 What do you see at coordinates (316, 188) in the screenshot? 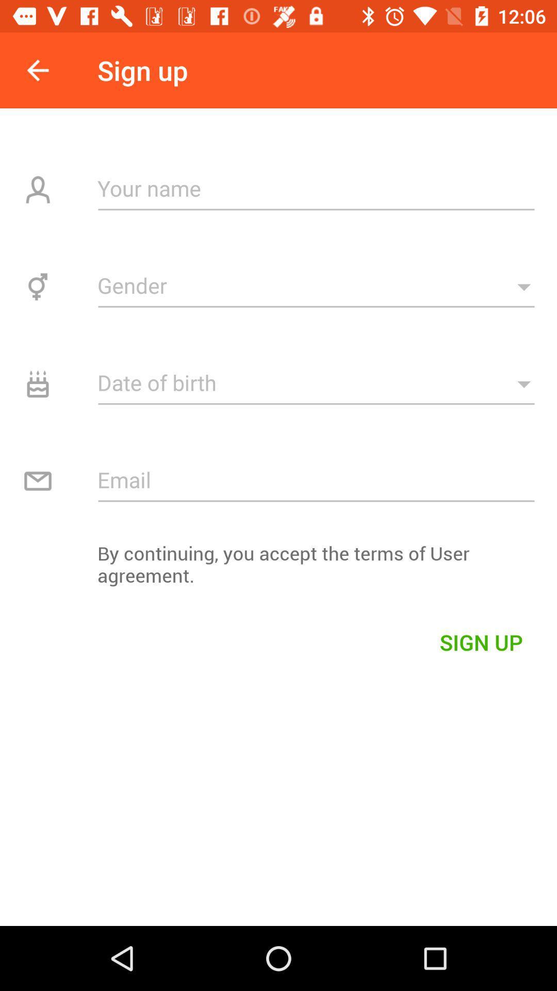
I see `enter name` at bounding box center [316, 188].